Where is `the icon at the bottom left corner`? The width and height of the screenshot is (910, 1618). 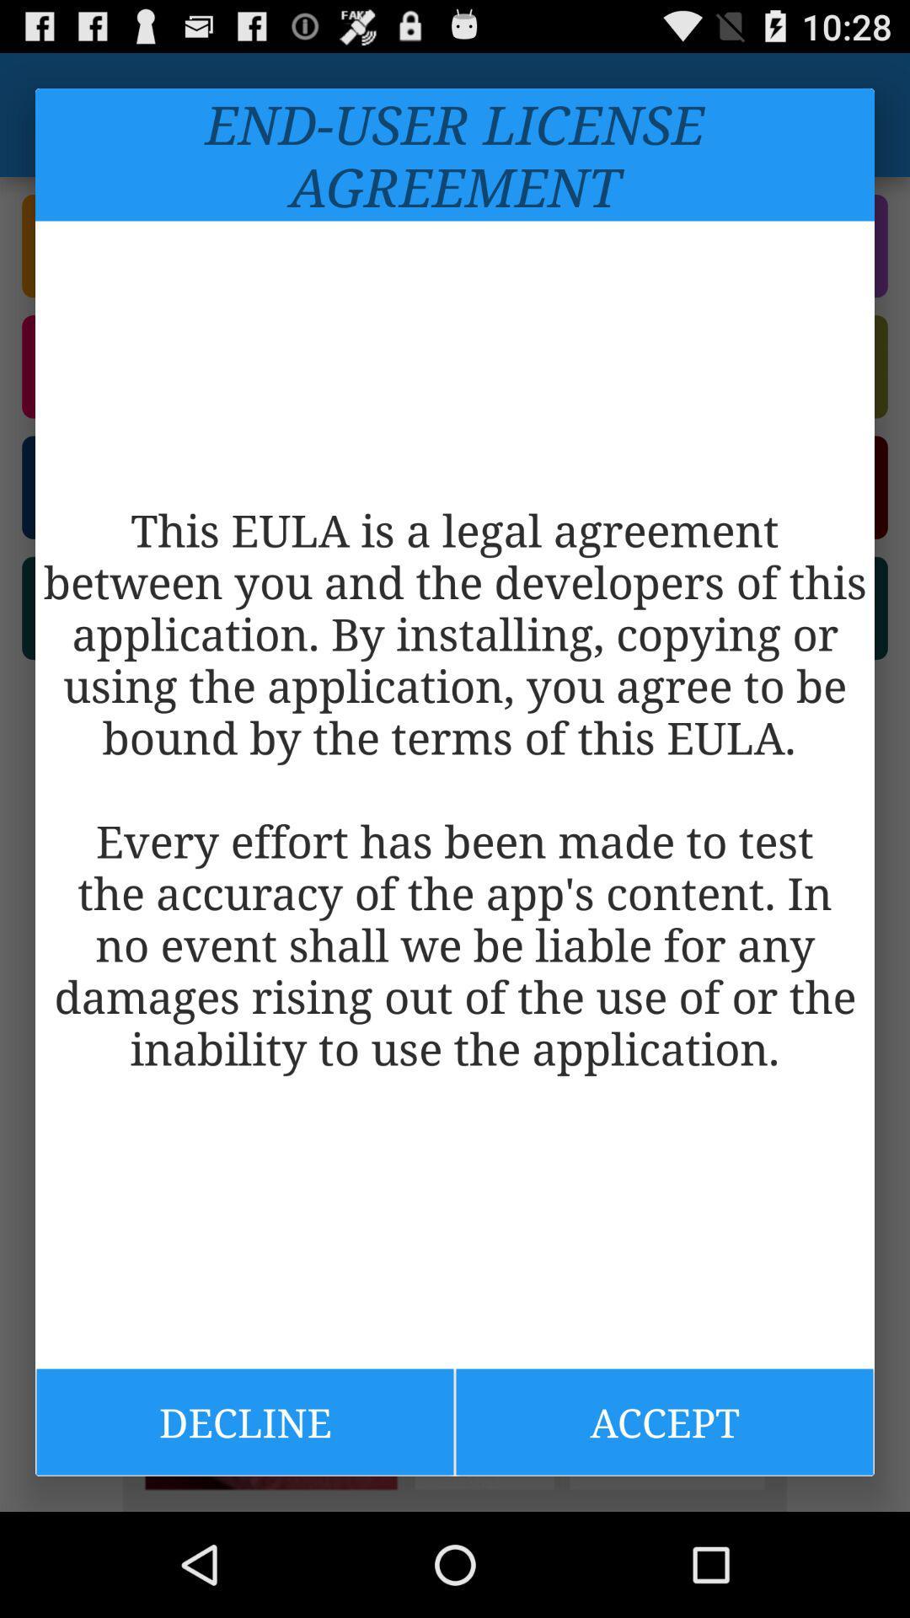 the icon at the bottom left corner is located at coordinates (244, 1421).